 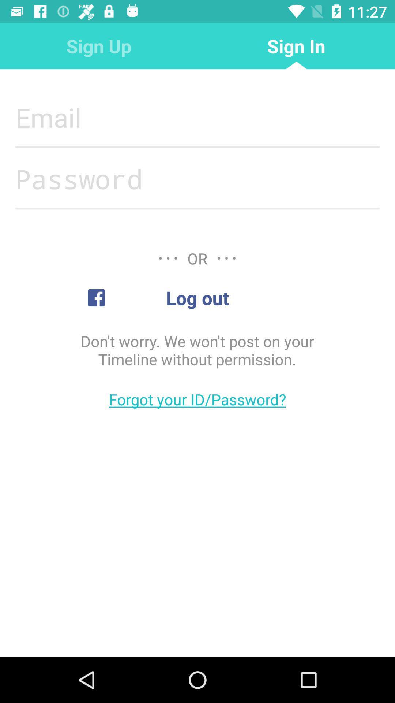 What do you see at coordinates (197, 399) in the screenshot?
I see `the last text of the page from bottom` at bounding box center [197, 399].